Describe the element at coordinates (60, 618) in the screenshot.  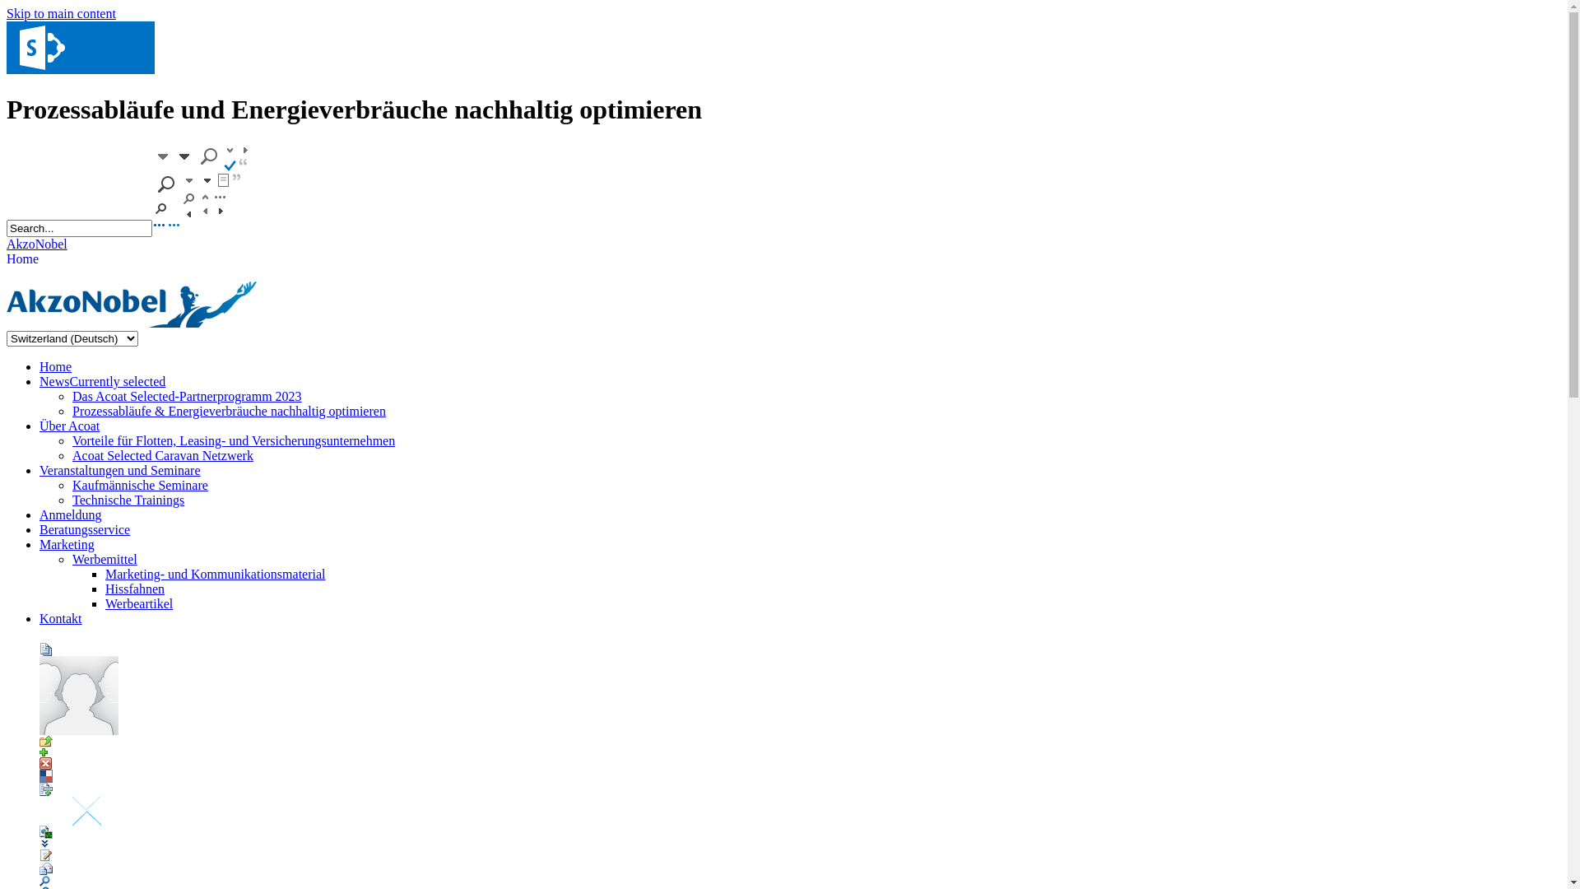
I see `'Kontakt'` at that location.